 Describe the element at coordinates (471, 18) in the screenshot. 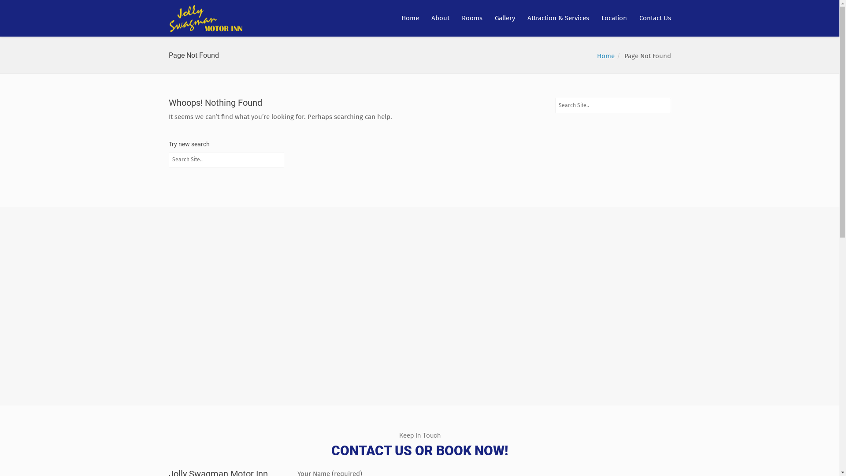

I see `'Rooms'` at that location.